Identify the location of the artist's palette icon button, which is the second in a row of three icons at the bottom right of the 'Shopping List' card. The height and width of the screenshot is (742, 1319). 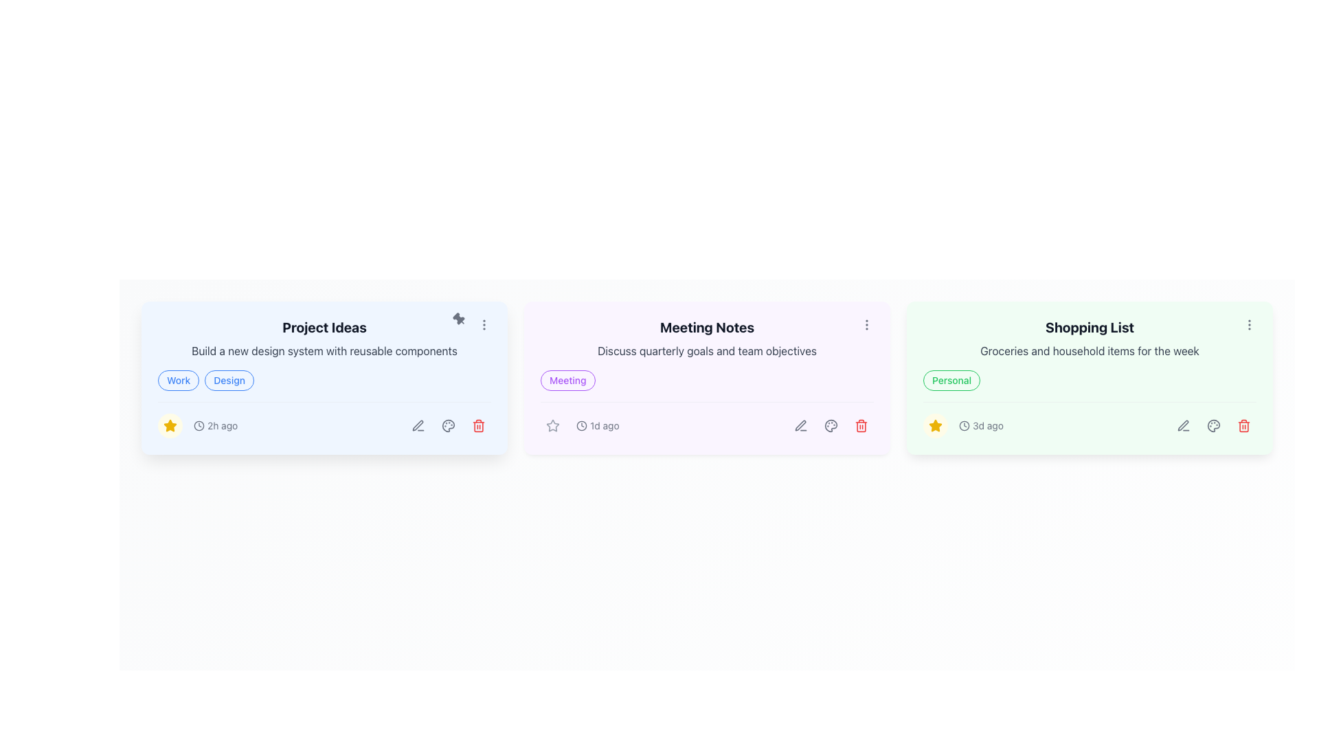
(1213, 425).